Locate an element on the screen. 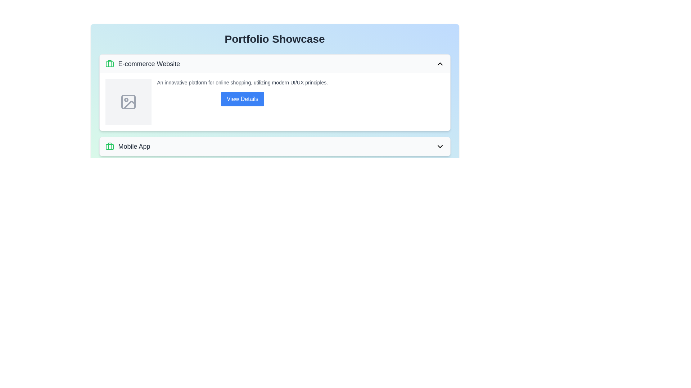 The height and width of the screenshot is (388, 691). the 'Mobile App' collapsible list item is located at coordinates (274, 146).